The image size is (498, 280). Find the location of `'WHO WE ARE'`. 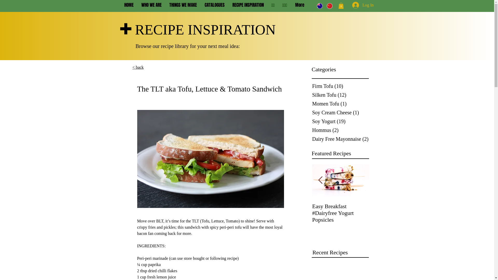

'WHO WE ARE' is located at coordinates (151, 5).